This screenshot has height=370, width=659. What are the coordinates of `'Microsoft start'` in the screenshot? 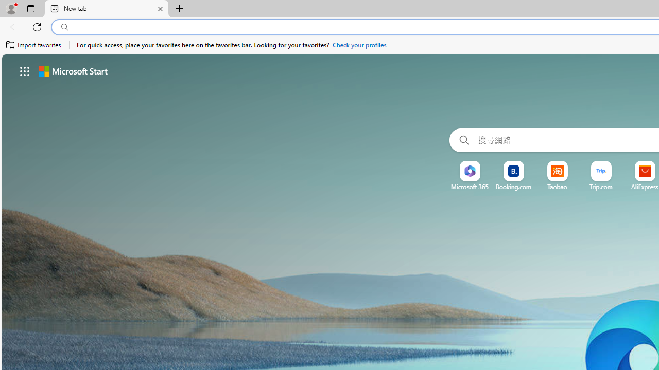 It's located at (73, 70).